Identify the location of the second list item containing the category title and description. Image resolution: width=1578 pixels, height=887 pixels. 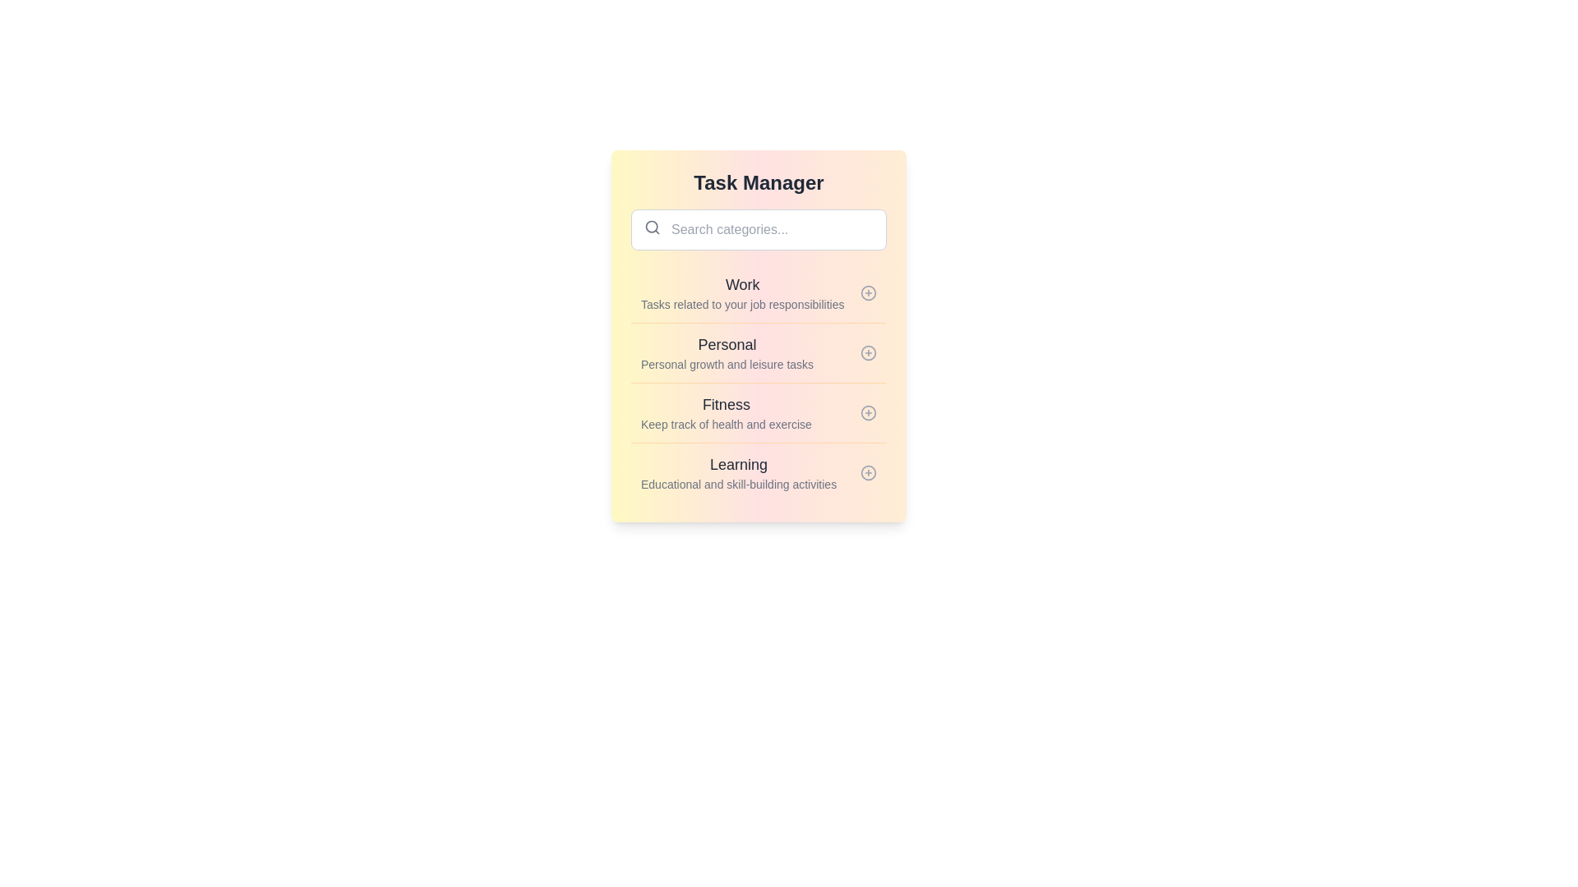
(758, 335).